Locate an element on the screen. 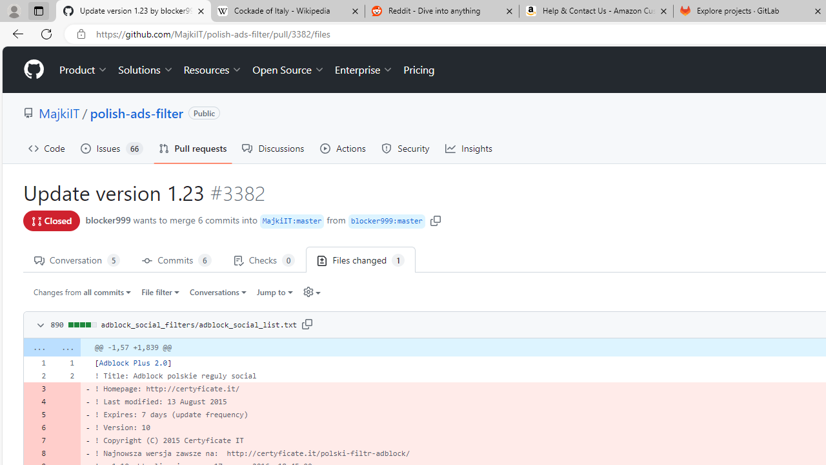 This screenshot has width=826, height=465. 'Resources' is located at coordinates (213, 70).